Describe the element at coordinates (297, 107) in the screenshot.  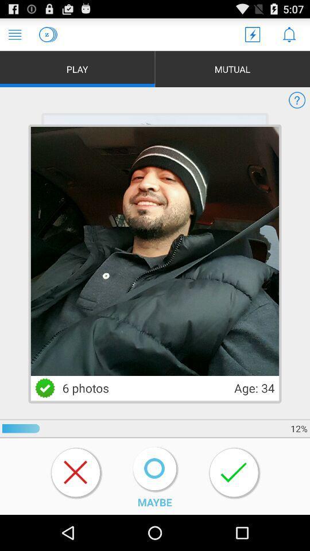
I see `the help icon` at that location.